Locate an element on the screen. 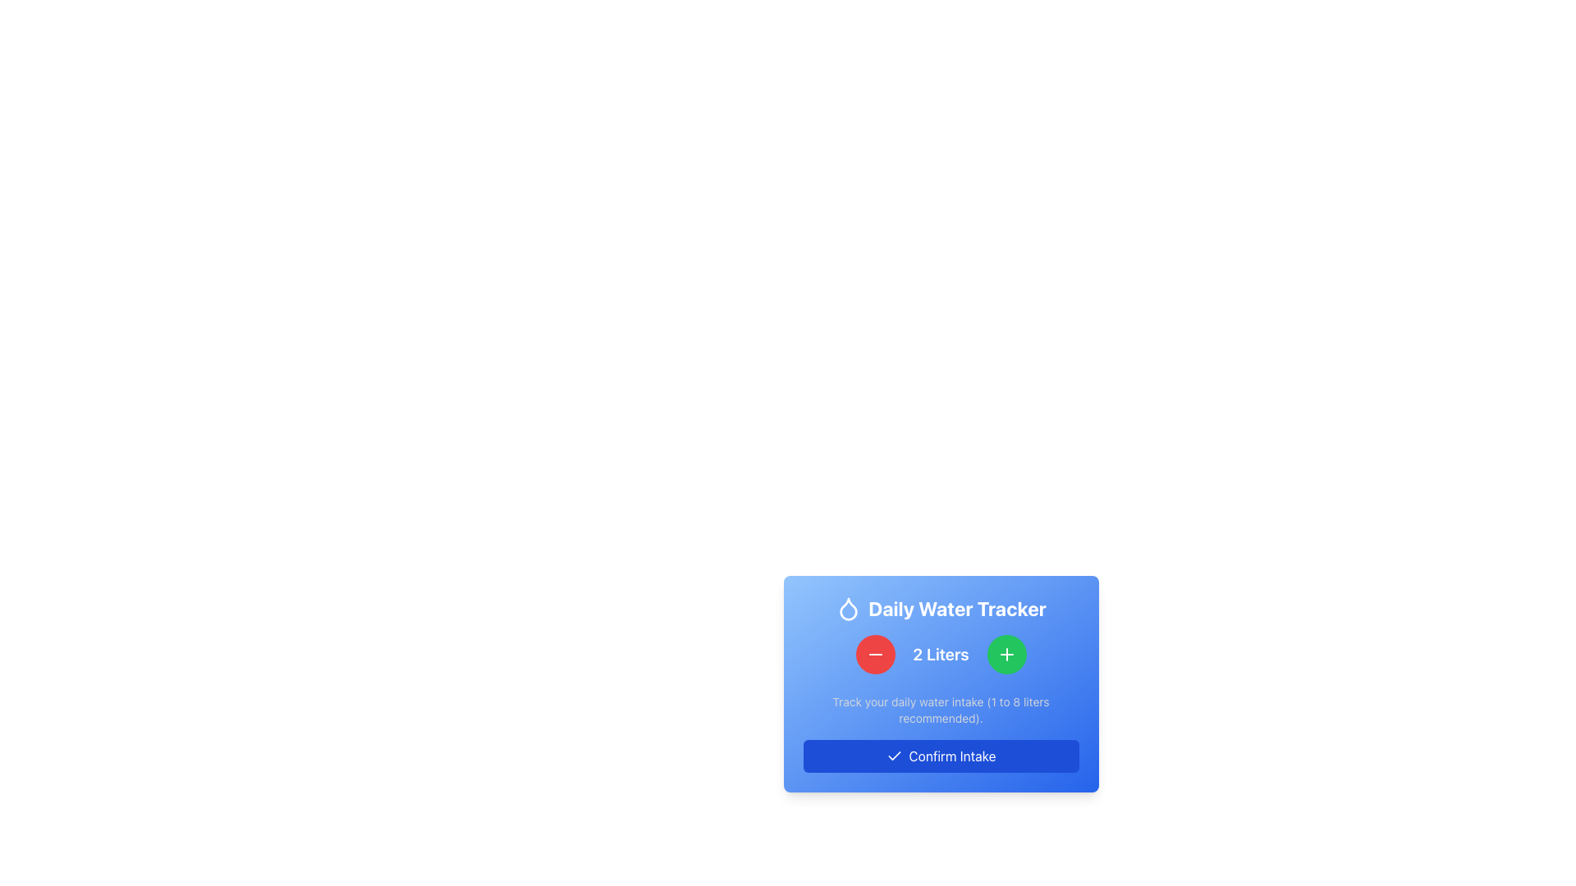 The height and width of the screenshot is (886, 1576). the green button with the plus icon to increase the water intake value in the Daily Water Tracker application is located at coordinates (1006, 654).